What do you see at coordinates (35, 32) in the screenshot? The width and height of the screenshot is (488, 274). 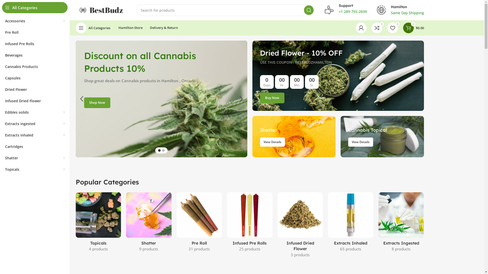 I see `'Pre Roll'` at bounding box center [35, 32].